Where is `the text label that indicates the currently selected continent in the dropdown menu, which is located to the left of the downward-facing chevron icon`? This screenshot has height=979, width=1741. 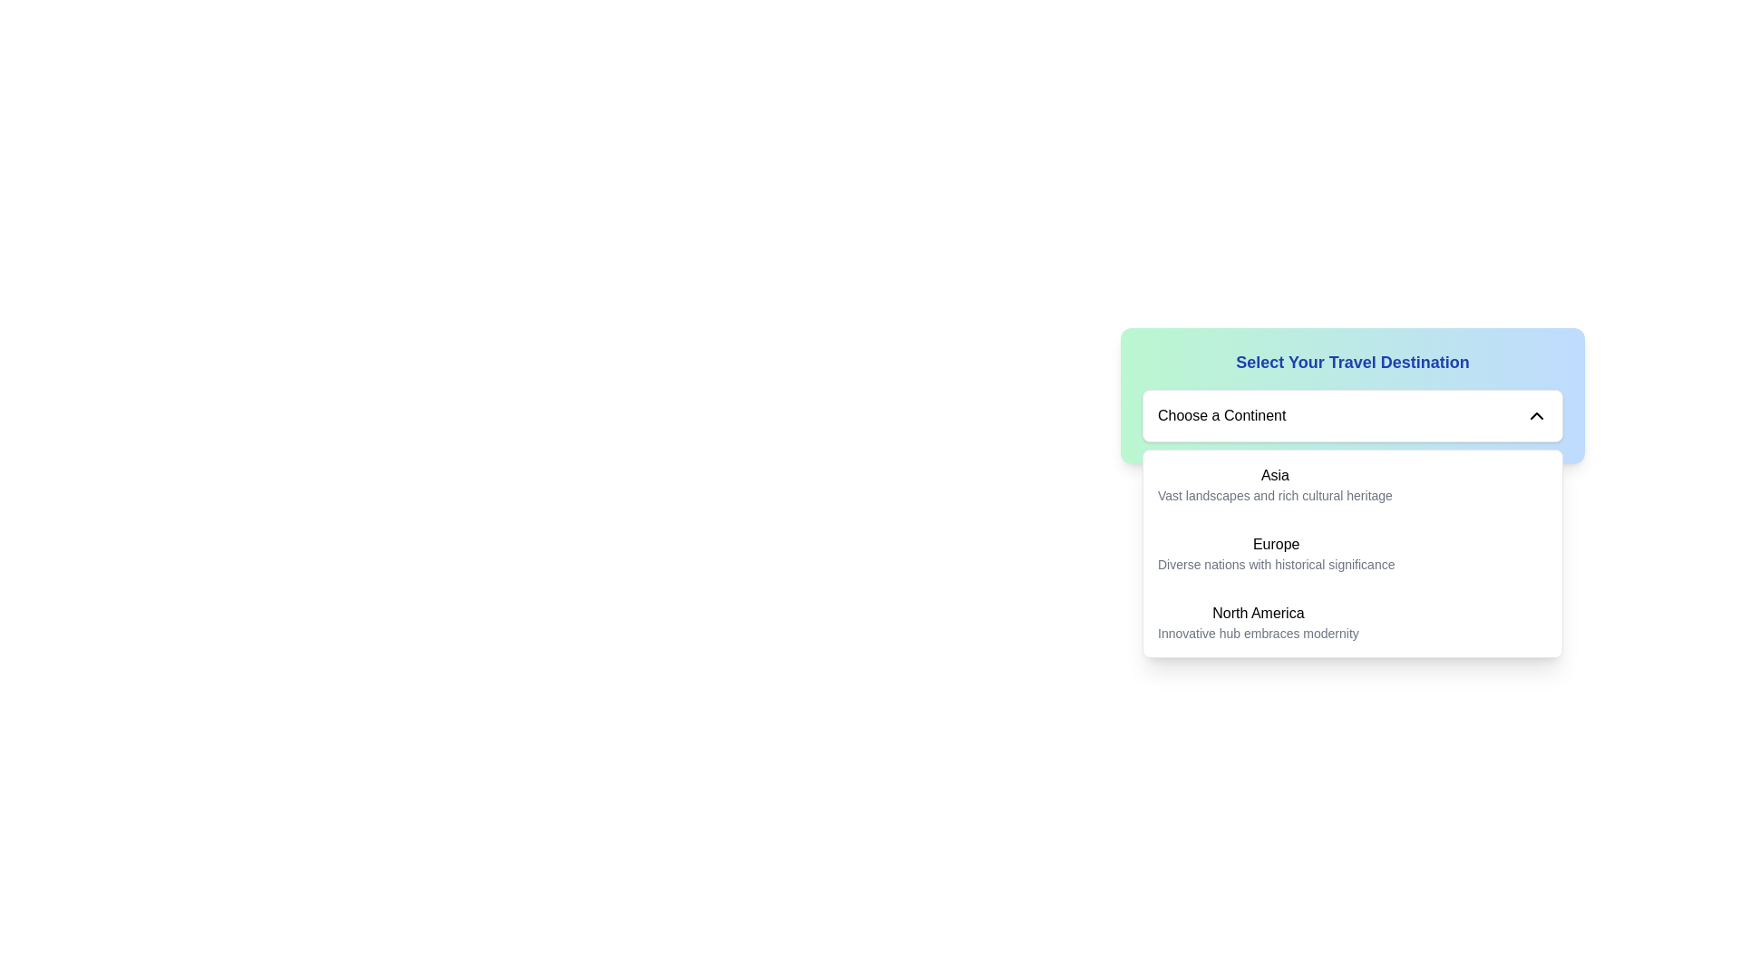
the text label that indicates the currently selected continent in the dropdown menu, which is located to the left of the downward-facing chevron icon is located at coordinates (1221, 416).